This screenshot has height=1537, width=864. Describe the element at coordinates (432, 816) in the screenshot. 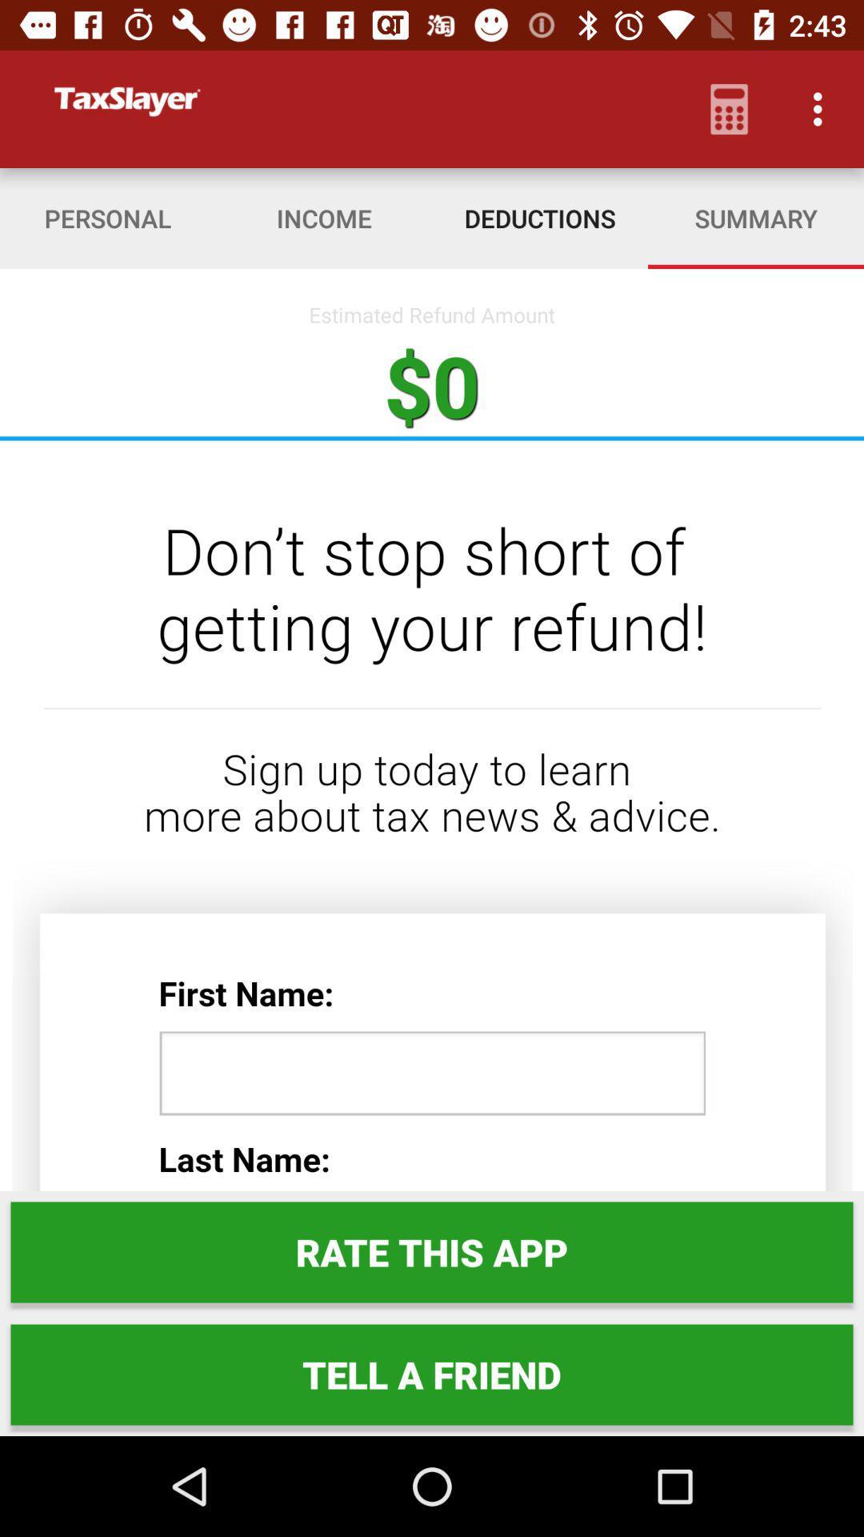

I see `the item at the center` at that location.